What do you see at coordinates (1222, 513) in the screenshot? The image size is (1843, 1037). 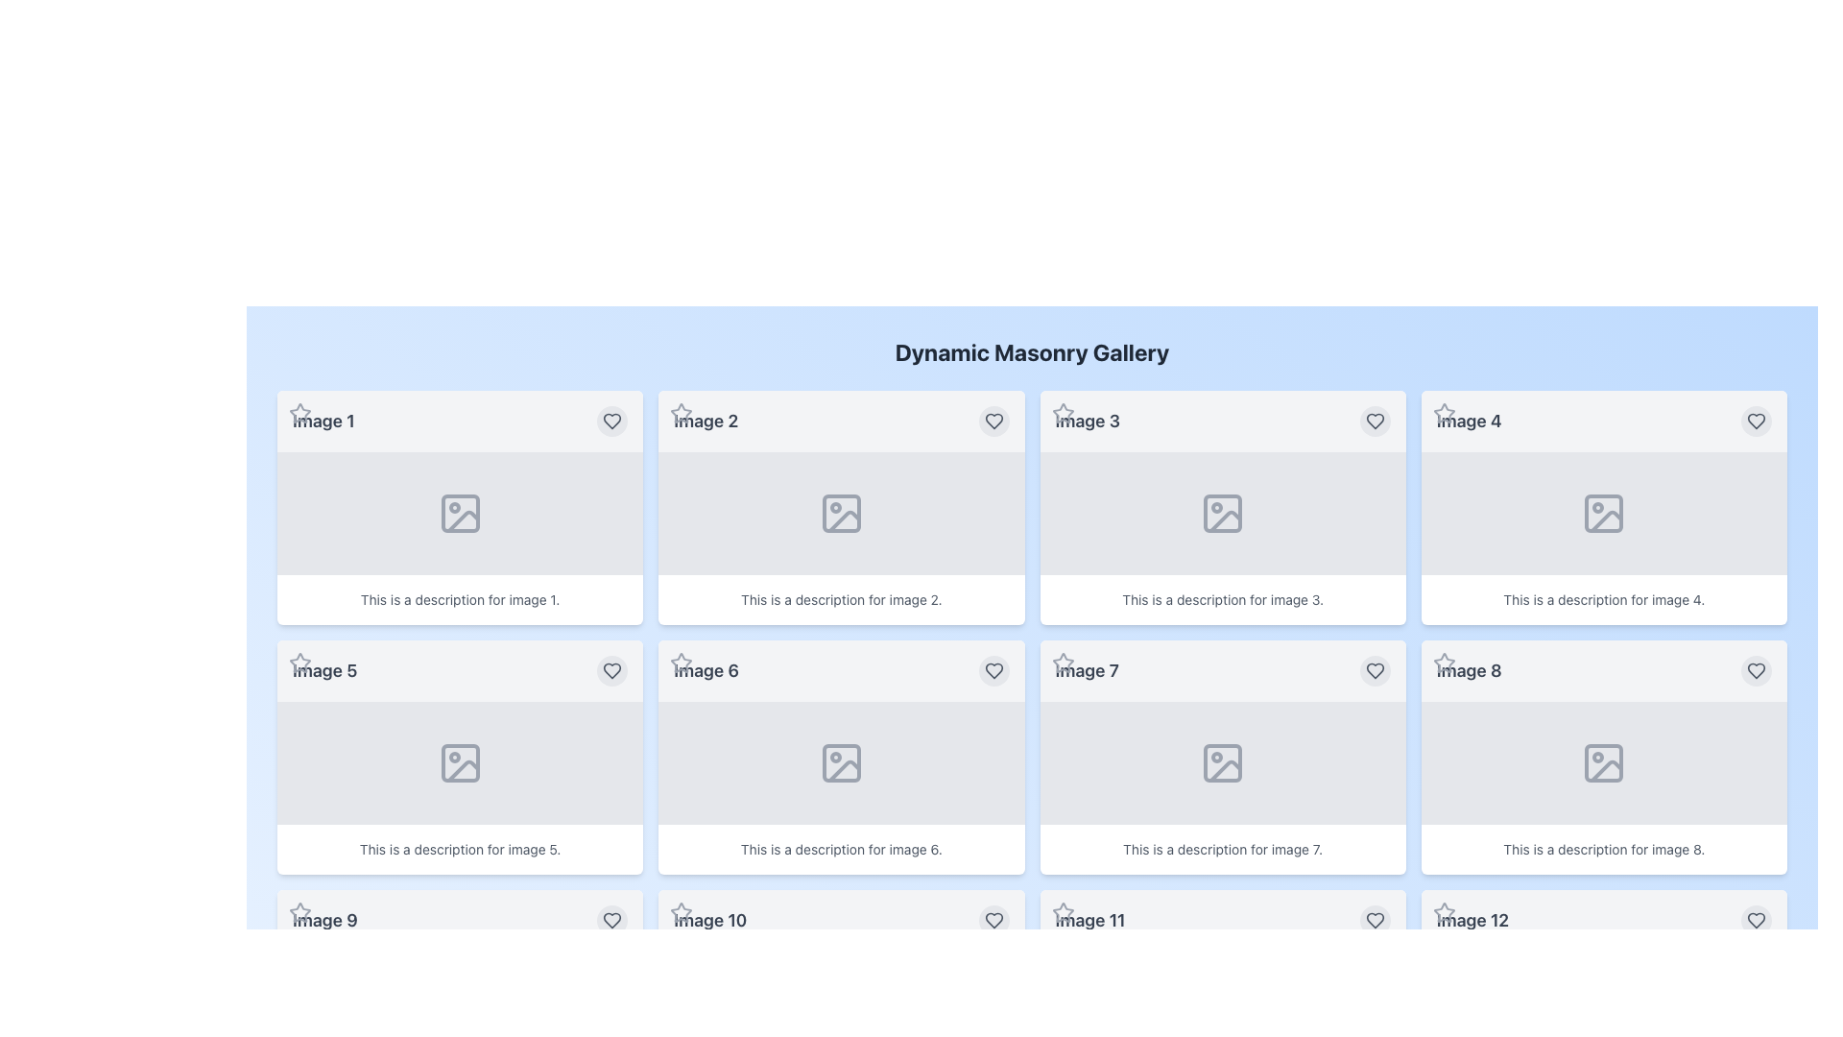 I see `the small light gray rectangle with rounded corners located inside the third card of the first row in the masonry-style gallery, which serves as an image placeholder` at bounding box center [1222, 513].